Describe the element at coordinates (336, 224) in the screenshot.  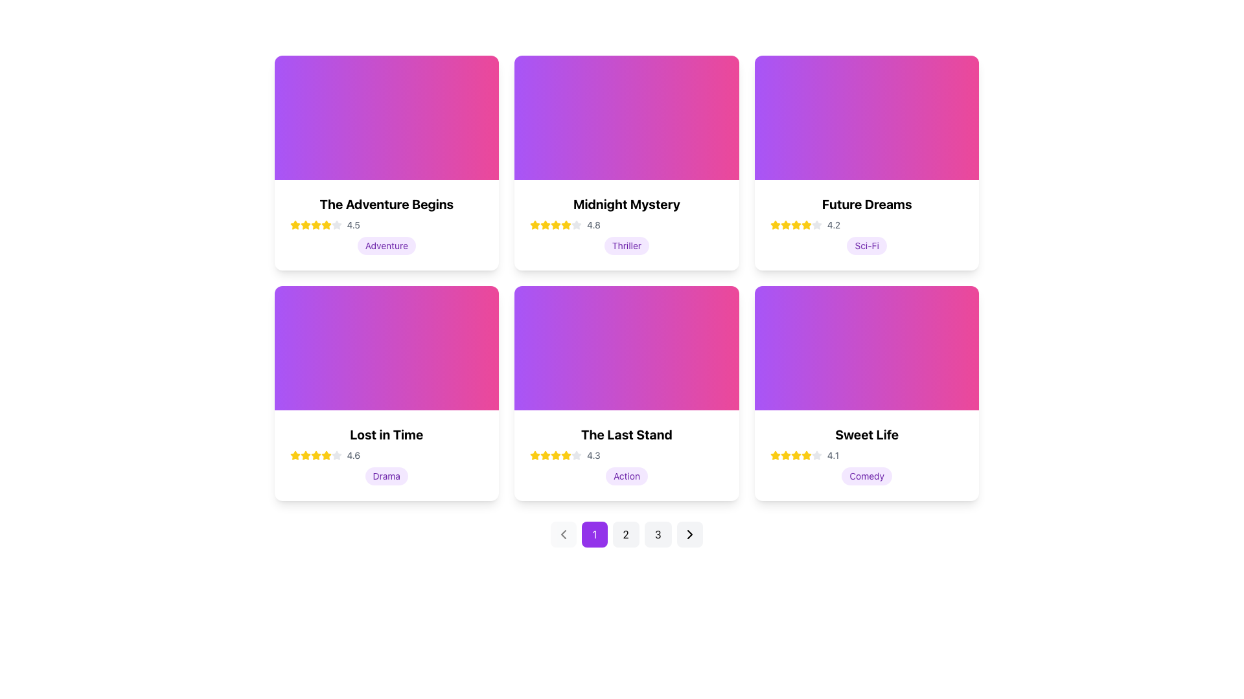
I see `the last unfilled star-shaped icon in the rating system below the text 'The Adventure Begins' and above the label 'Adventure'` at that location.